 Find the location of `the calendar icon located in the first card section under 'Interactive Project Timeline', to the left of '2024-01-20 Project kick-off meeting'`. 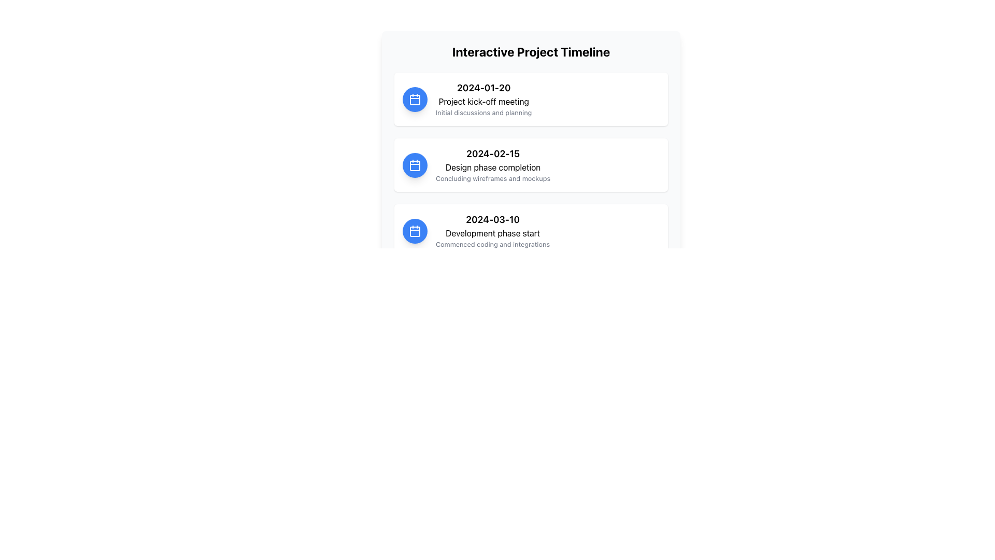

the calendar icon located in the first card section under 'Interactive Project Timeline', to the left of '2024-01-20 Project kick-off meeting' is located at coordinates (415, 99).